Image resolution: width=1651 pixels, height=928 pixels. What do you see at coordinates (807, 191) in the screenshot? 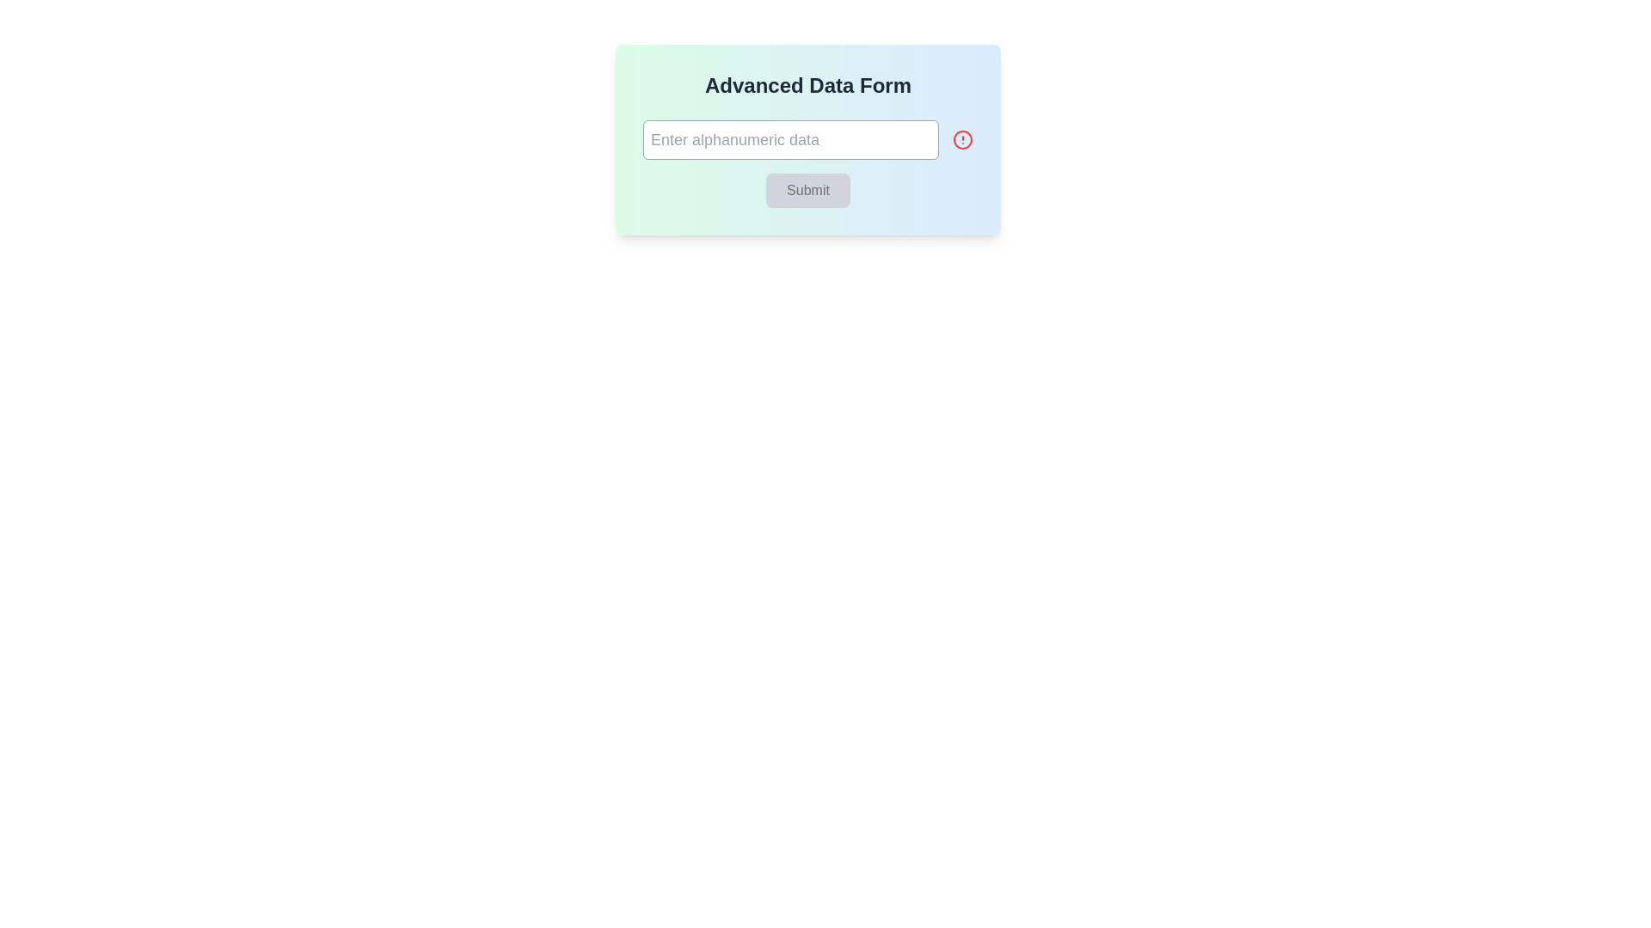
I see `the 'Submit' button, which is currently disabled and located at the bottom of the input field labeled 'Enter alphanumeric data'` at bounding box center [807, 191].